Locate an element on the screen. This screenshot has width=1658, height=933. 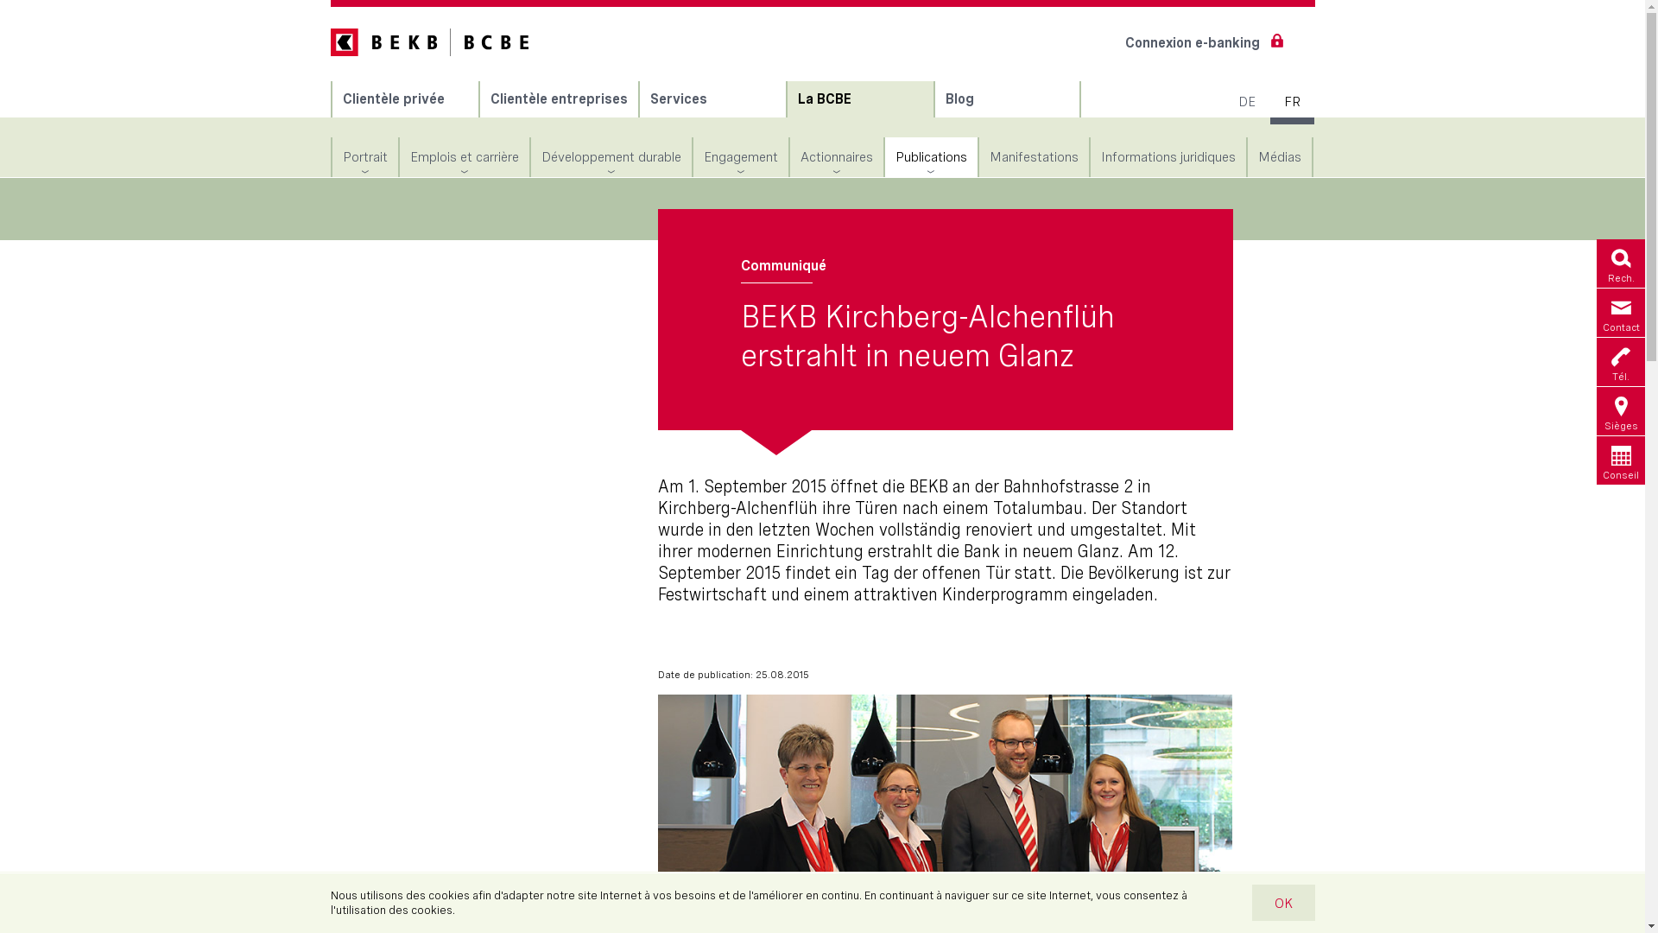
'FR' is located at coordinates (1290, 102).